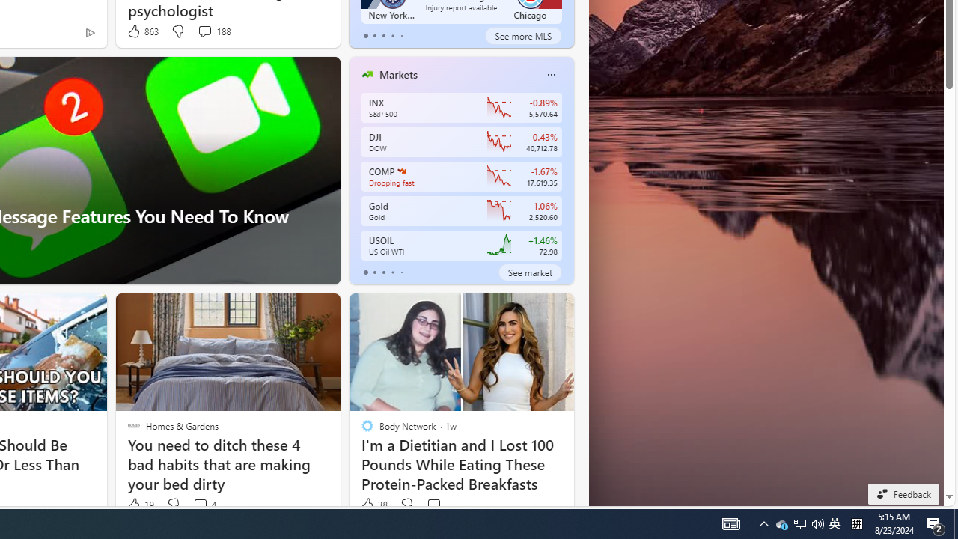 This screenshot has height=539, width=958. I want to click on 'Class: icon-img', so click(550, 75).